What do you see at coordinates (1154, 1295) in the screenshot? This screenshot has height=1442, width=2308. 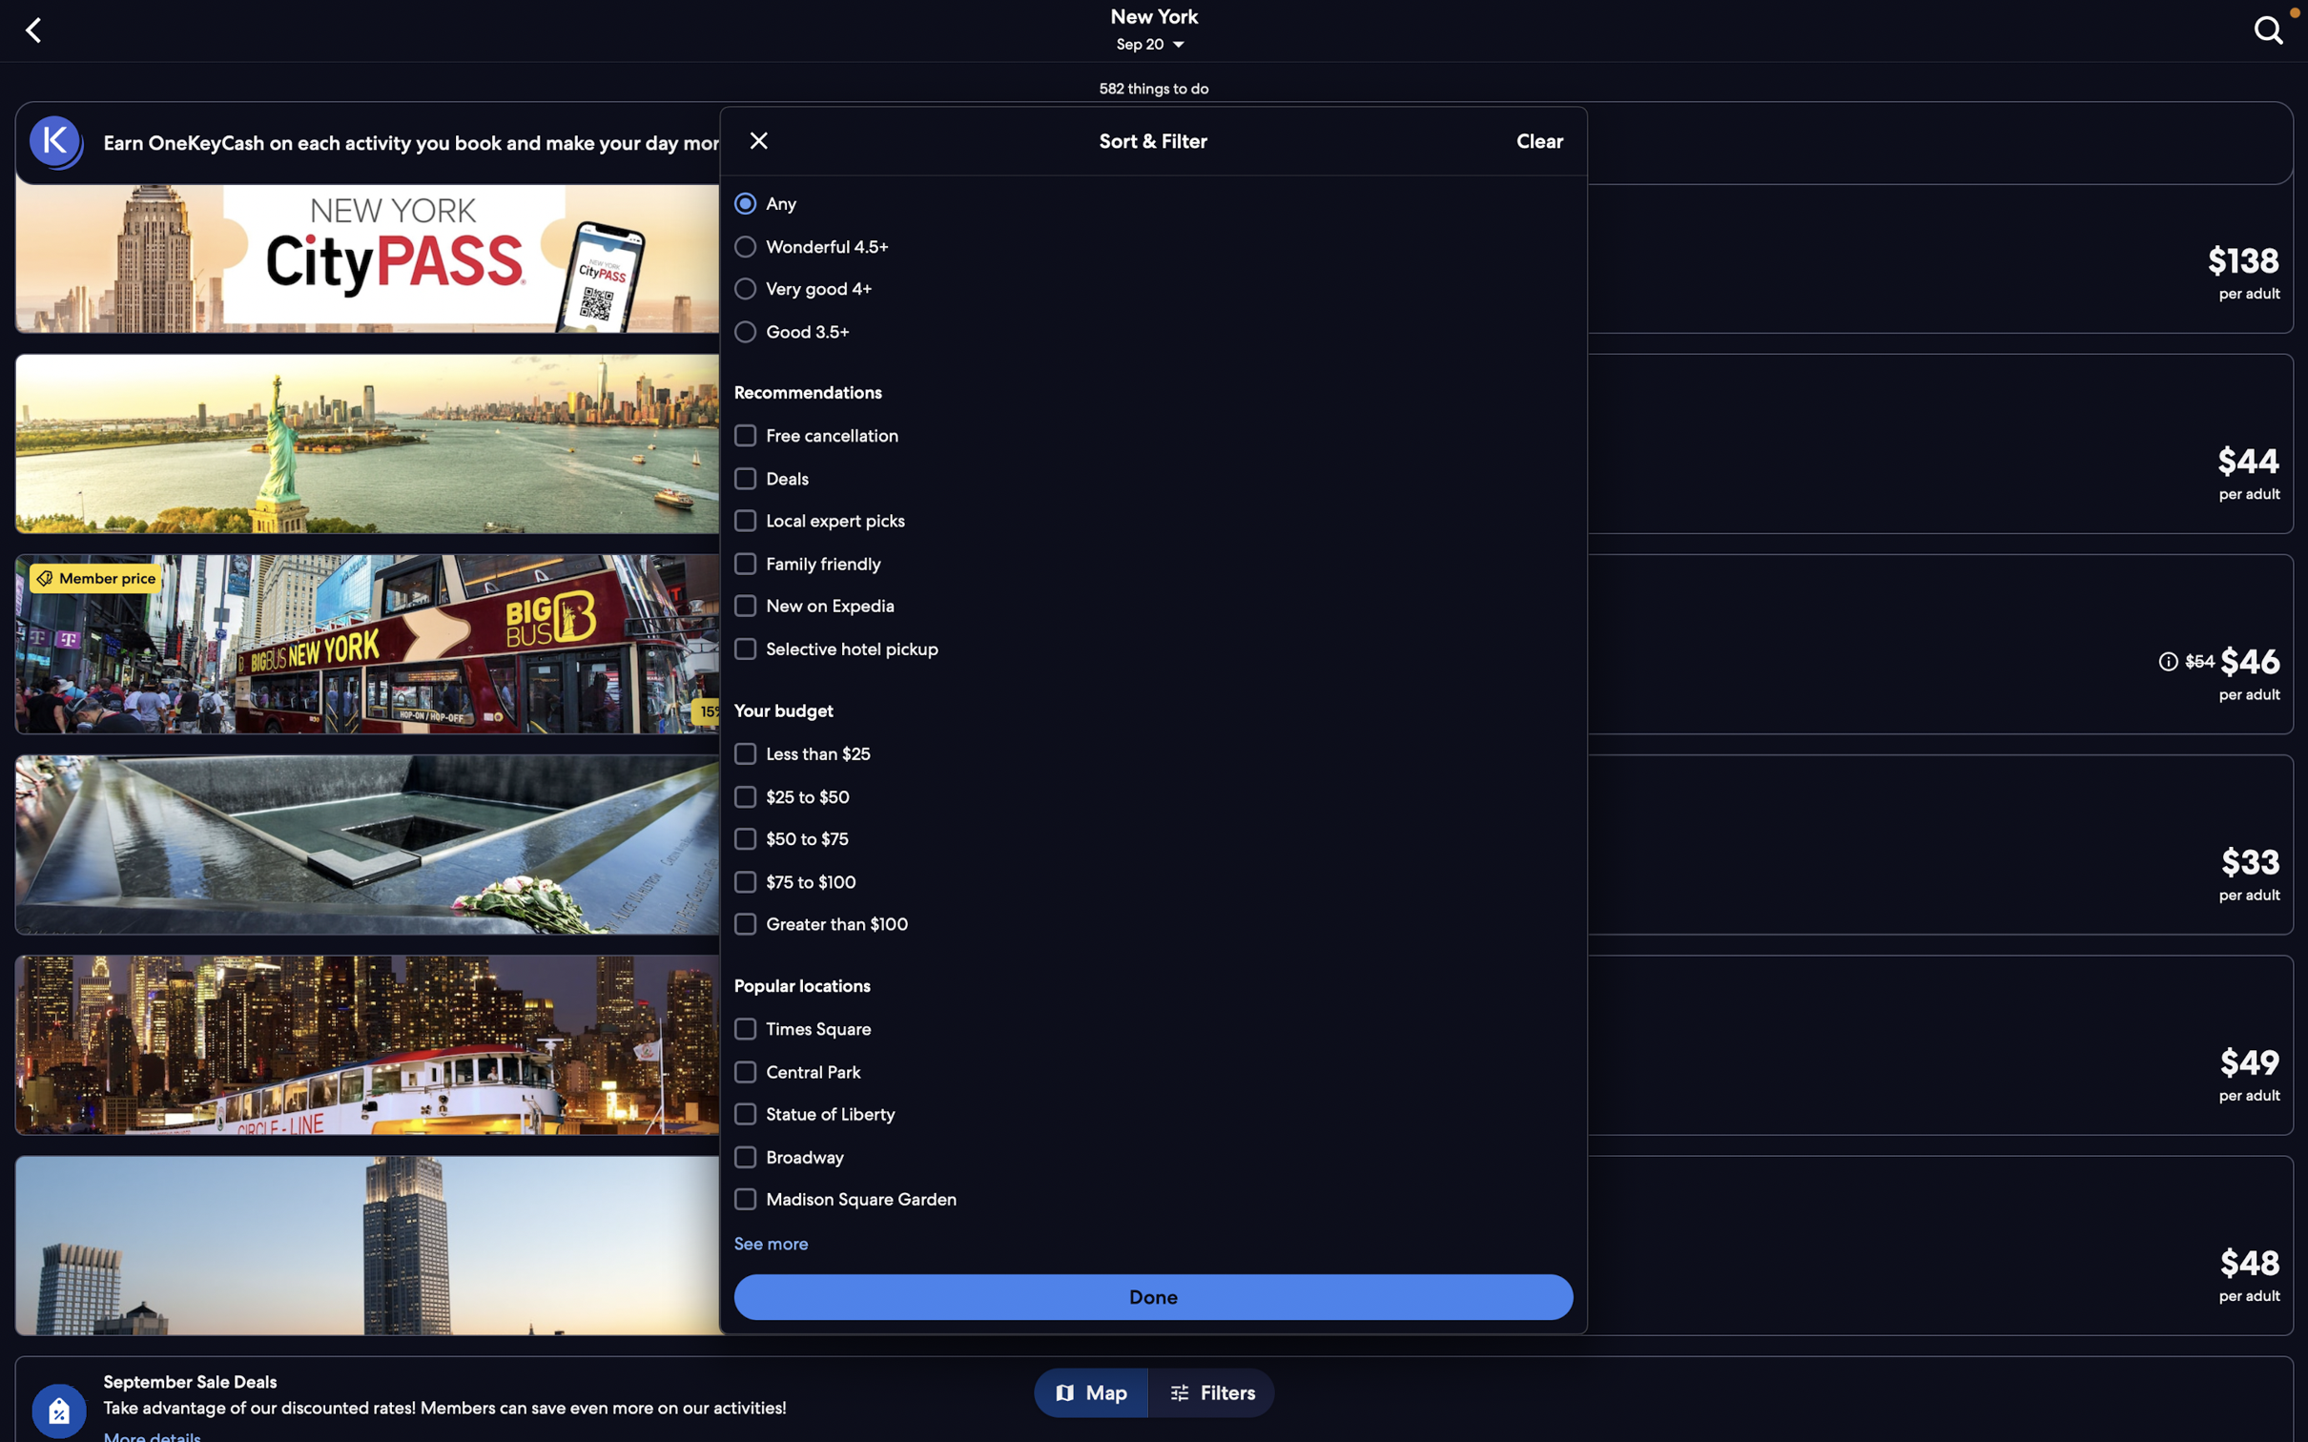 I see `Hit the button for sorting and choosing the desired option` at bounding box center [1154, 1295].